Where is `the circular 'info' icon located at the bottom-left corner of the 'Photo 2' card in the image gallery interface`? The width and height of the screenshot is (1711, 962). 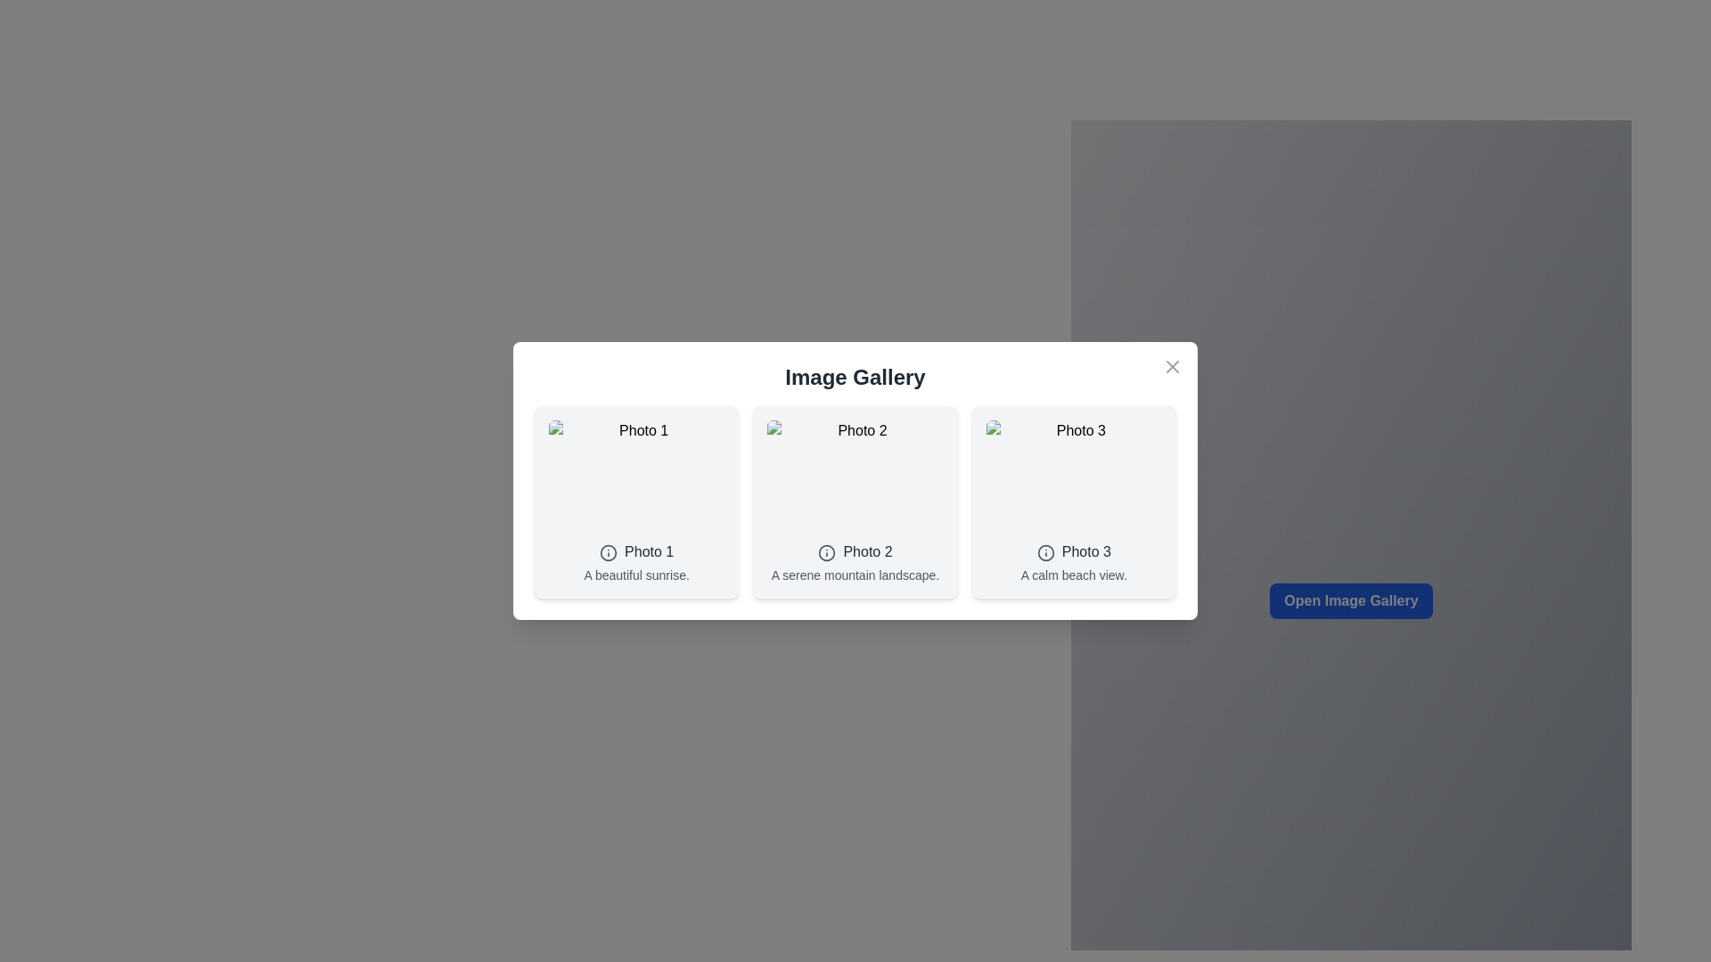 the circular 'info' icon located at the bottom-left corner of the 'Photo 2' card in the image gallery interface is located at coordinates (826, 551).